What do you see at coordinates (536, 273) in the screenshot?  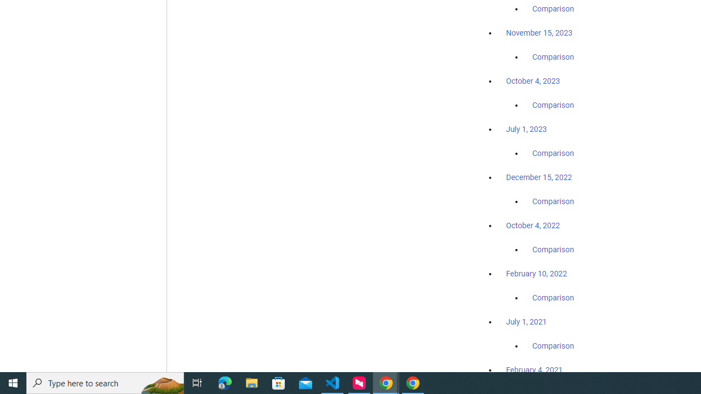 I see `'February 10, 2022'` at bounding box center [536, 273].